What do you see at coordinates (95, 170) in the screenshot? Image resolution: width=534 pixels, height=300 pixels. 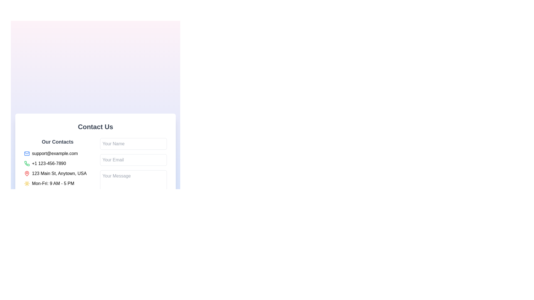 I see `the input fields within the 'Contact Us' form to type information, specifically targeting the input fields for 'Your Name', 'Your Email', and 'Your Message'` at bounding box center [95, 170].